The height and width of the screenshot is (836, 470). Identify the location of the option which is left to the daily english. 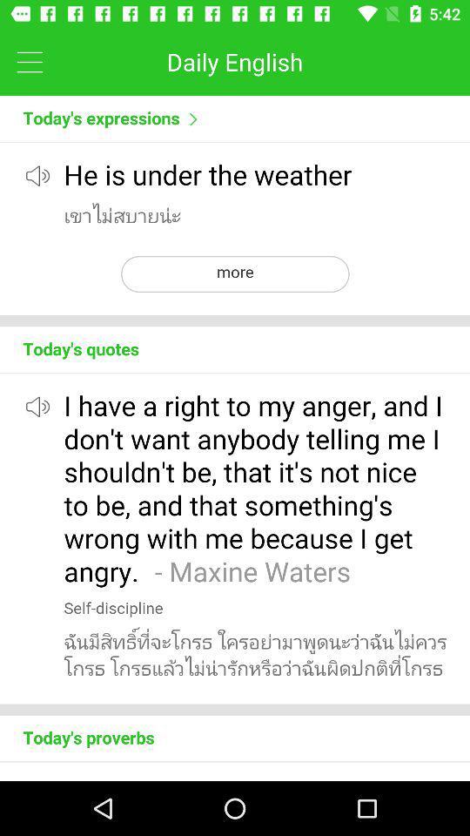
(29, 62).